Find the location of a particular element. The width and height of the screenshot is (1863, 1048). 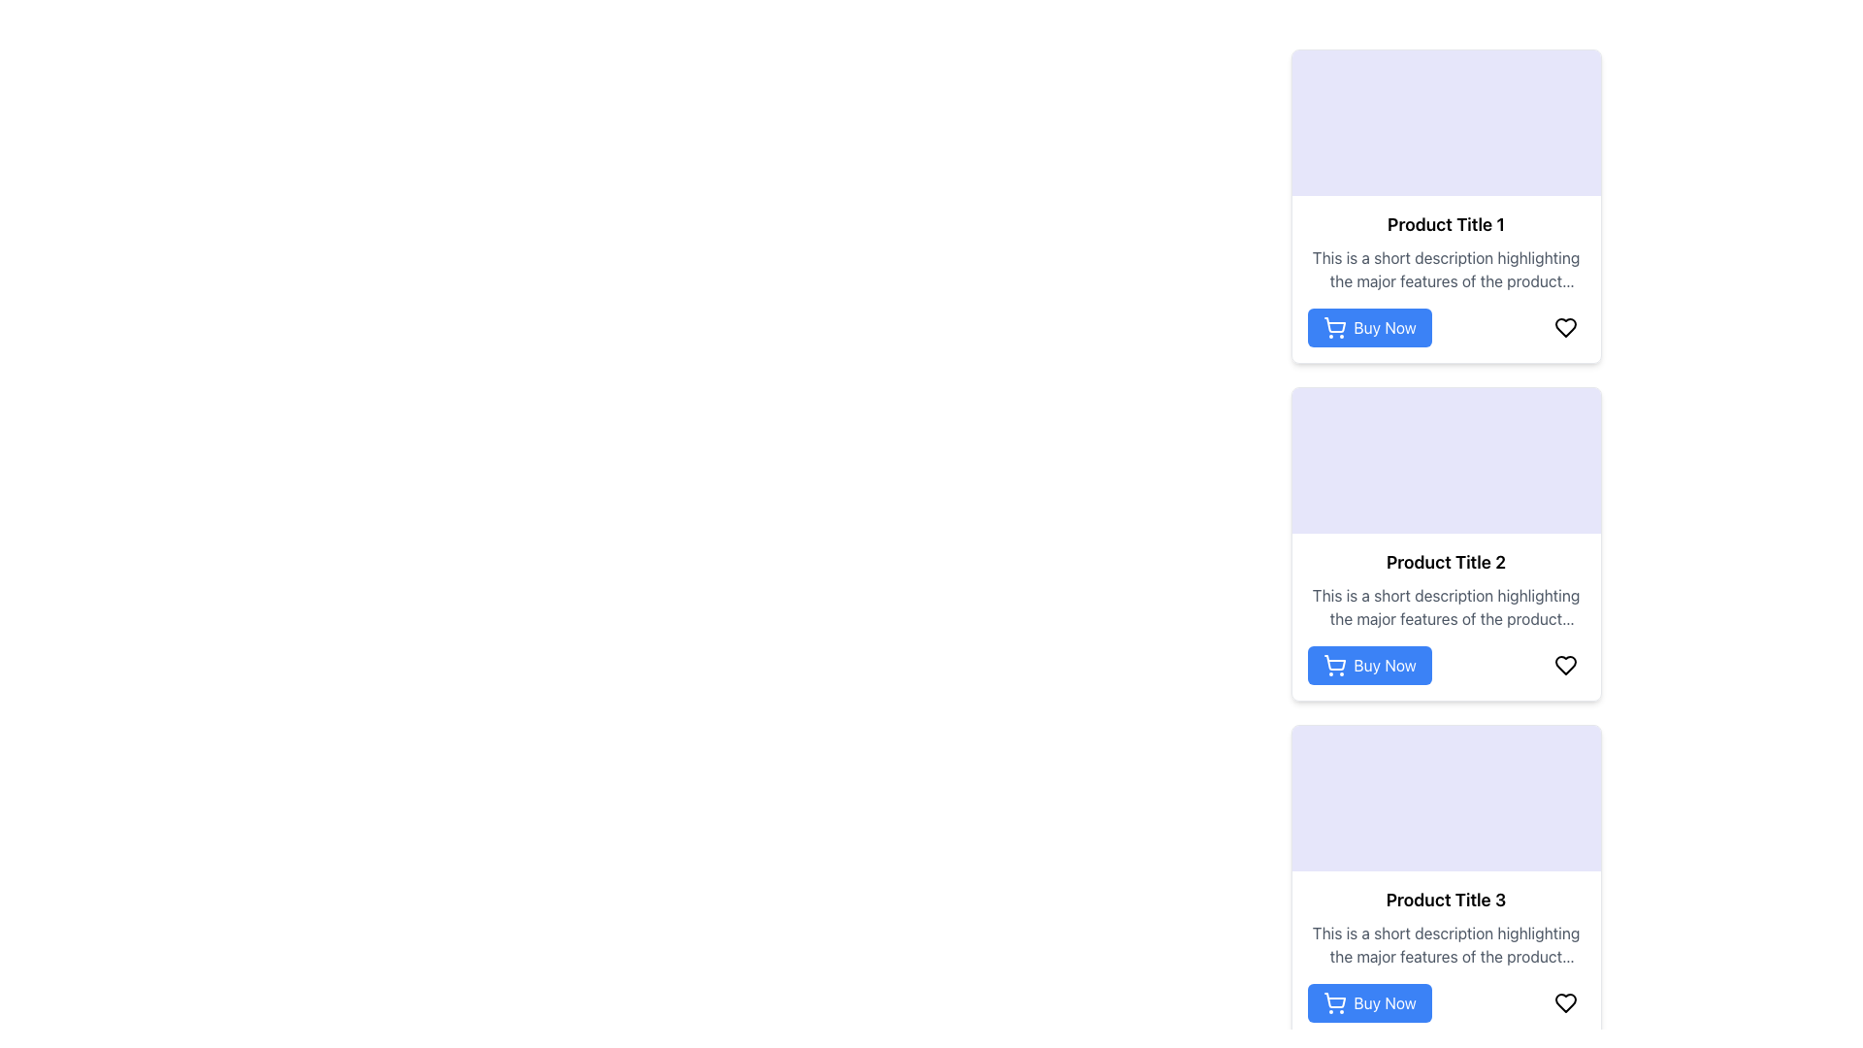

the icon button located in the bottom-right corner of the card for 'Product Title 3' to mark it as a favorite is located at coordinates (1565, 1002).